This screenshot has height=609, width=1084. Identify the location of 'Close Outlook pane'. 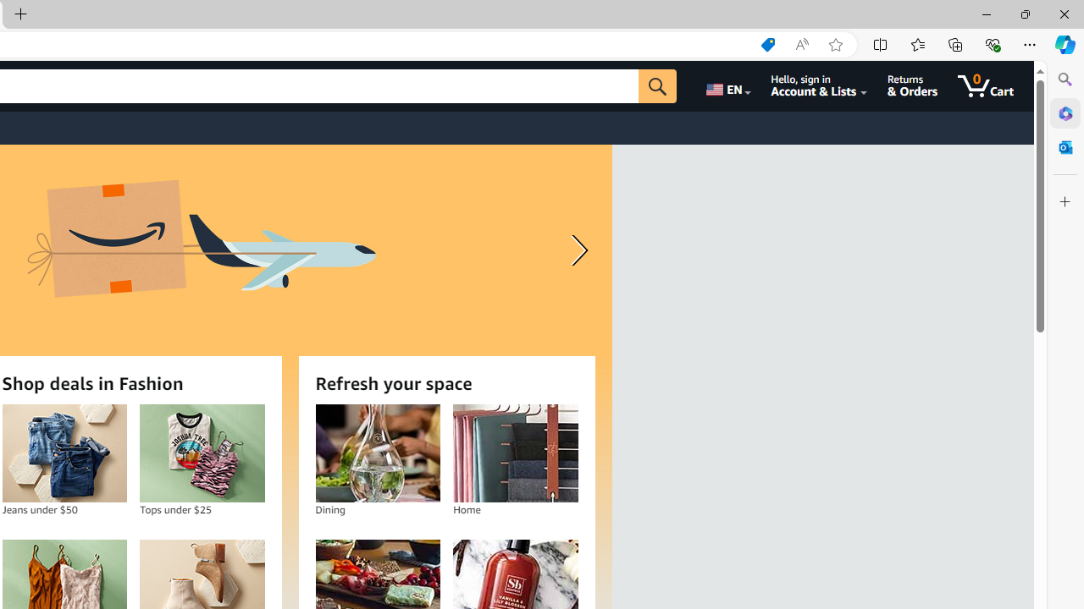
(1065, 146).